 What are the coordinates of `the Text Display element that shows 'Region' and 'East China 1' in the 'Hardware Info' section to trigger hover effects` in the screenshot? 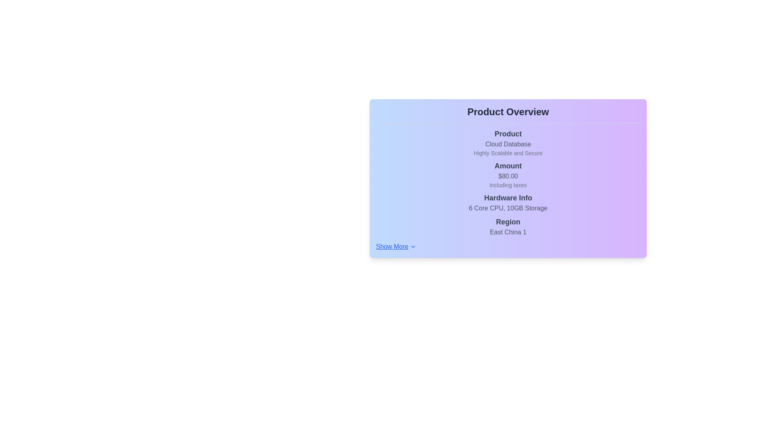 It's located at (508, 227).